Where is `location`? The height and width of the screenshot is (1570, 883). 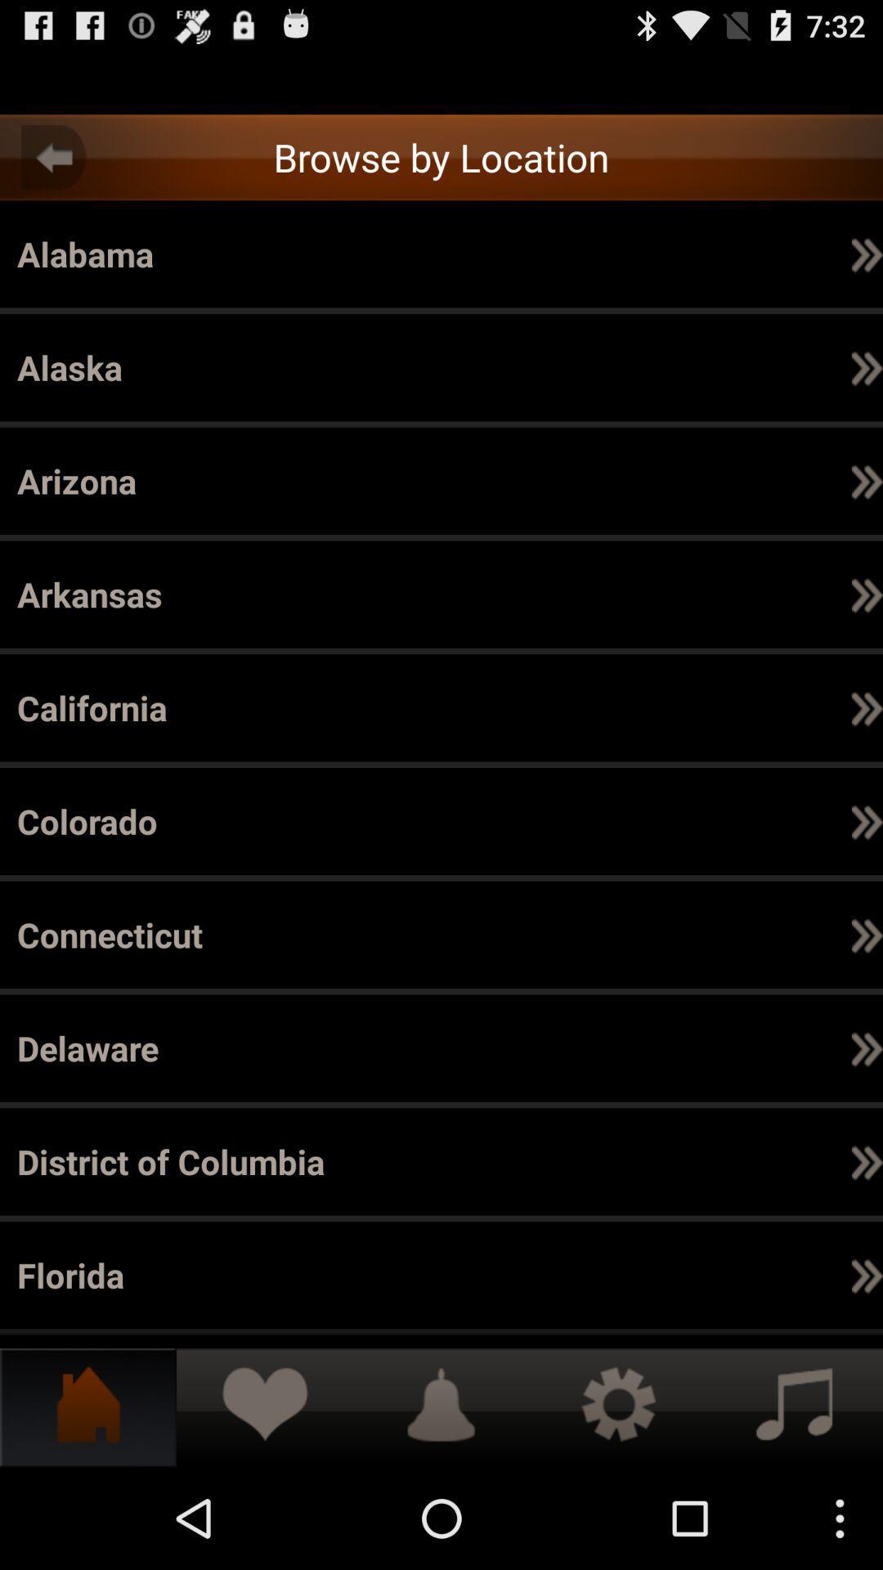 location is located at coordinates (441, 82).